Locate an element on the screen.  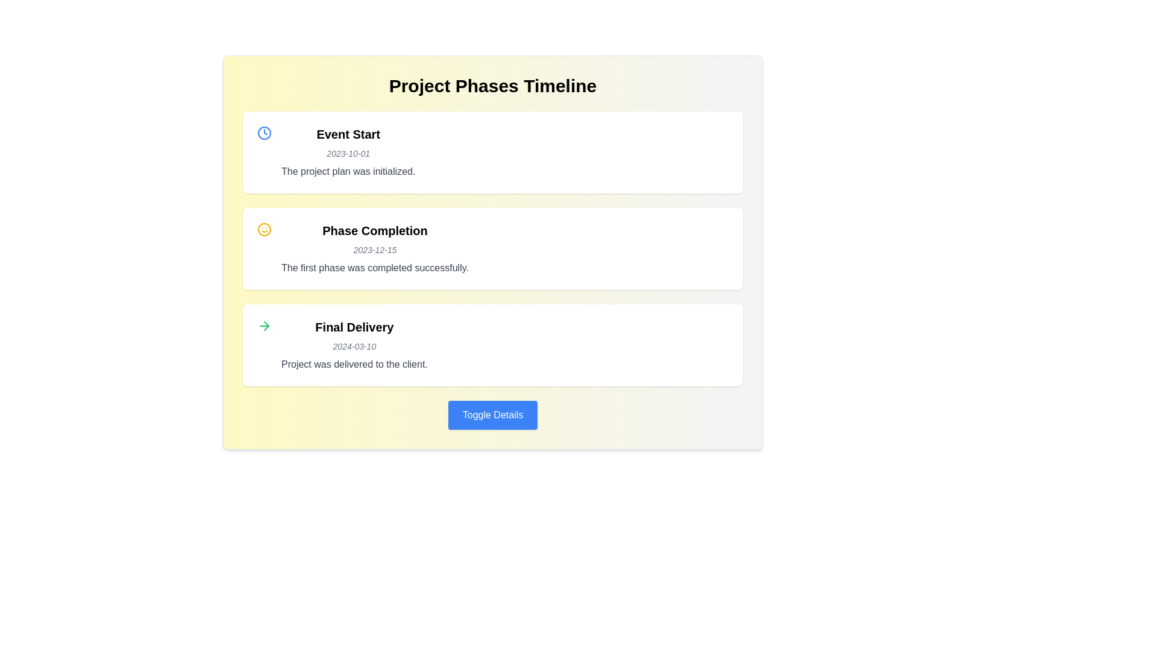
descriptive note related to the 'Final Delivery' milestone, which is the third text element under the 'Final Delivery' title and the date '2024-03-10' is located at coordinates (354, 364).